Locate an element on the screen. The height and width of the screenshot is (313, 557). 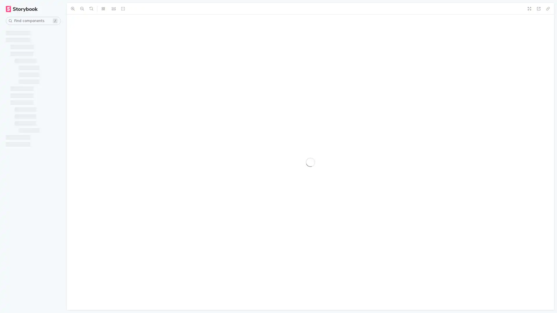
INTERNAL CONTROLLERS is located at coordinates (30, 285).